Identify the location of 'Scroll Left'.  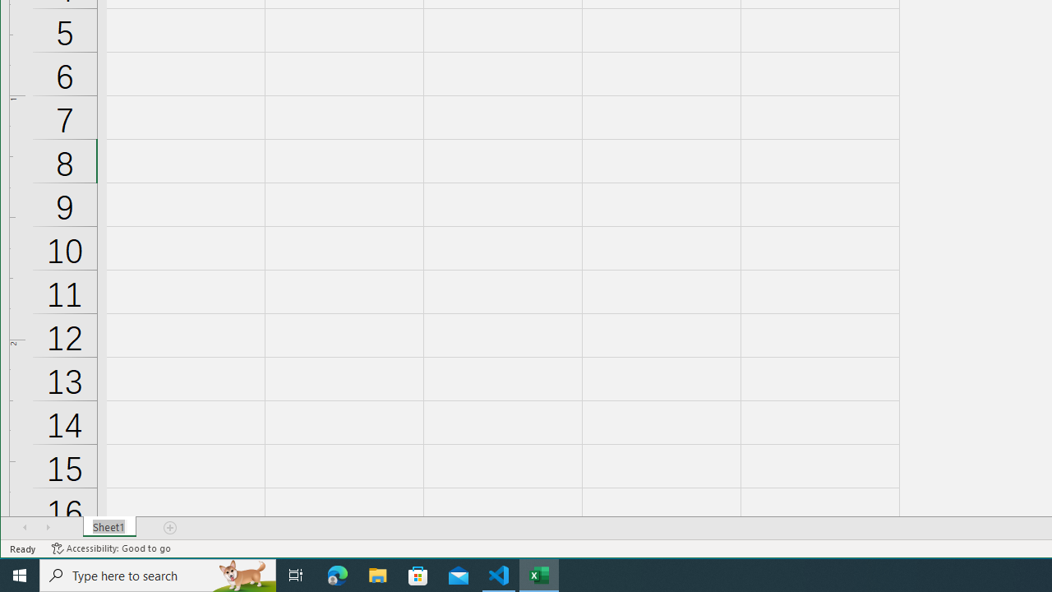
(25, 527).